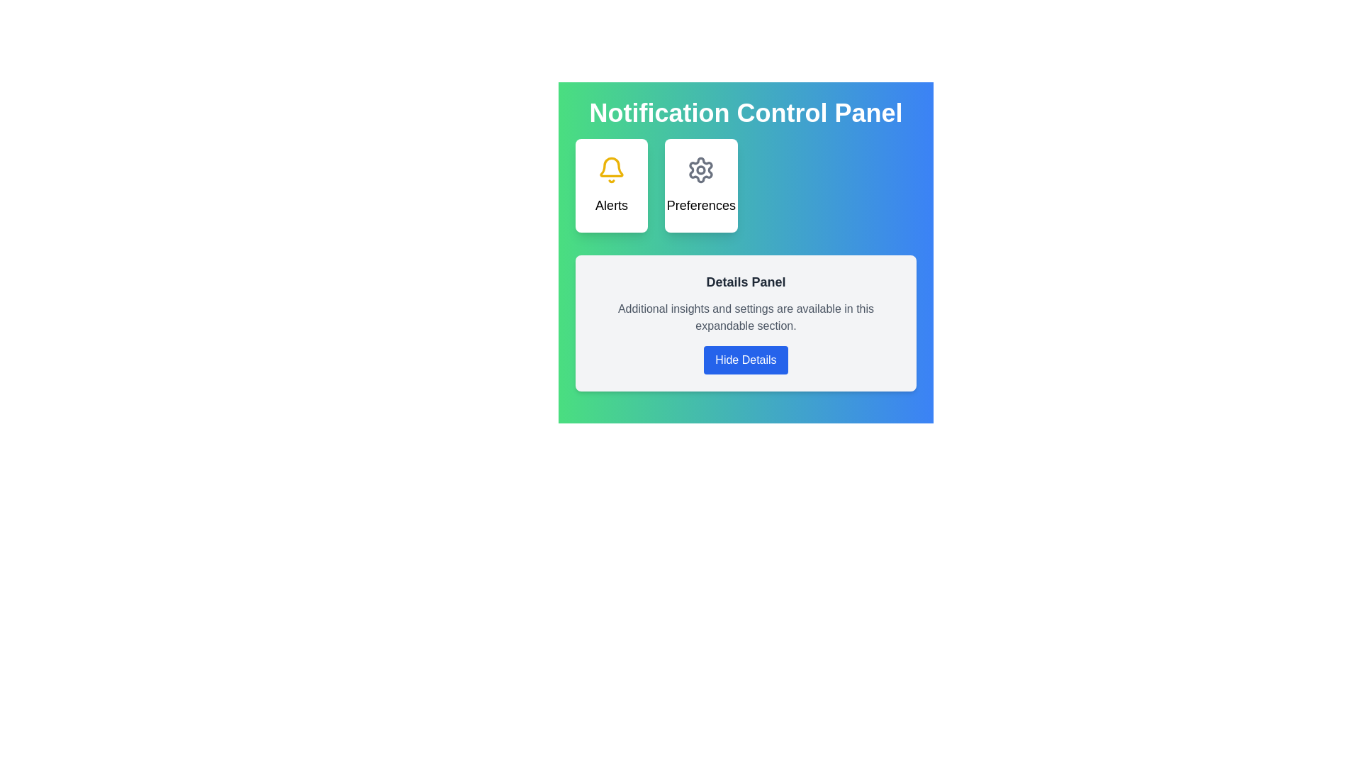 The height and width of the screenshot is (766, 1361). What do you see at coordinates (612, 205) in the screenshot?
I see `text label that describes the notification-related icon above it, providing insight into the section's purpose` at bounding box center [612, 205].